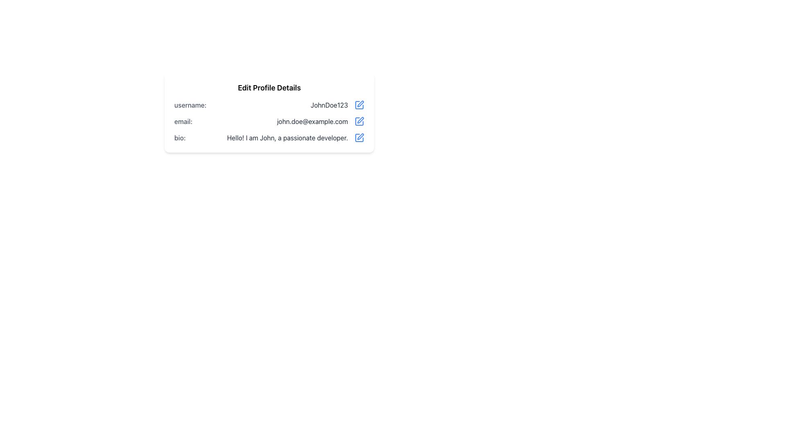 The width and height of the screenshot is (786, 442). What do you see at coordinates (287, 137) in the screenshot?
I see `the text snippet that reads 'Hello! I am John, a passionate developer.' located in the 'bio' section of the 'Edit Profile Details' form` at bounding box center [287, 137].